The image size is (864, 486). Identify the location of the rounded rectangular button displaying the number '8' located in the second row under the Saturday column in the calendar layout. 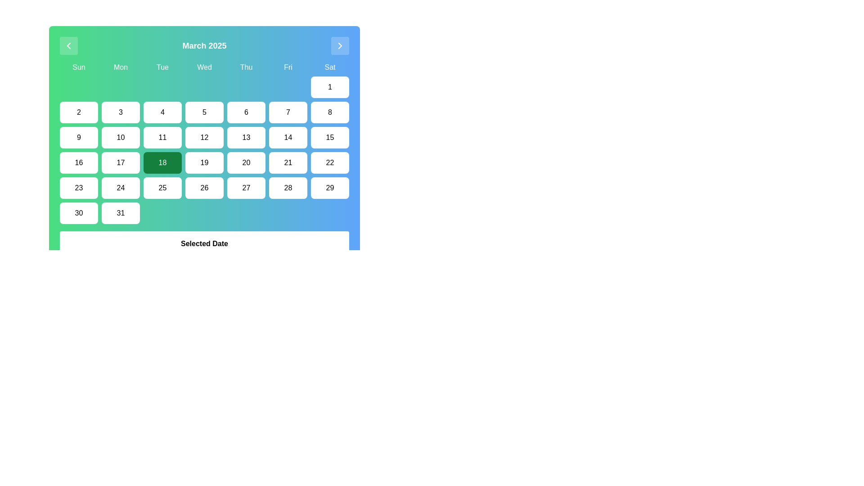
(329, 112).